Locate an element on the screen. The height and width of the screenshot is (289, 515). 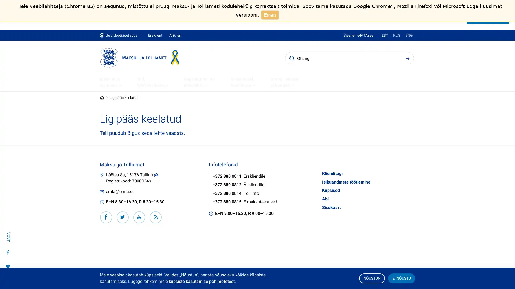
NOUSTUN is located at coordinates (371, 278).